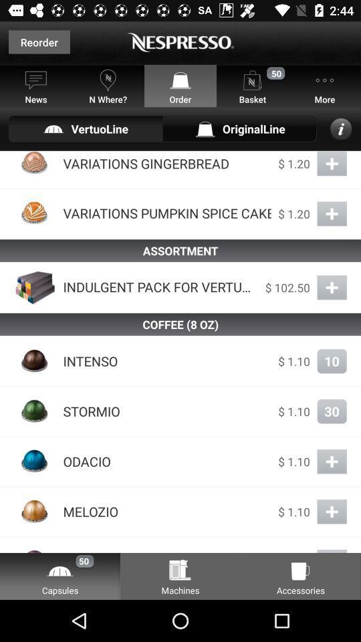 This screenshot has height=642, width=361. What do you see at coordinates (341, 128) in the screenshot?
I see `the info icon` at bounding box center [341, 128].